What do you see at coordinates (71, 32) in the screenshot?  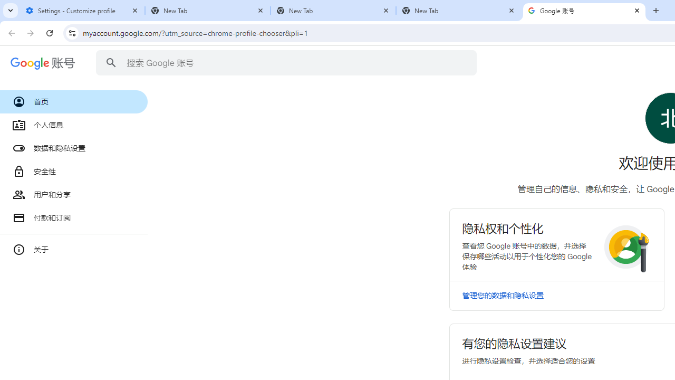 I see `'View site information'` at bounding box center [71, 32].